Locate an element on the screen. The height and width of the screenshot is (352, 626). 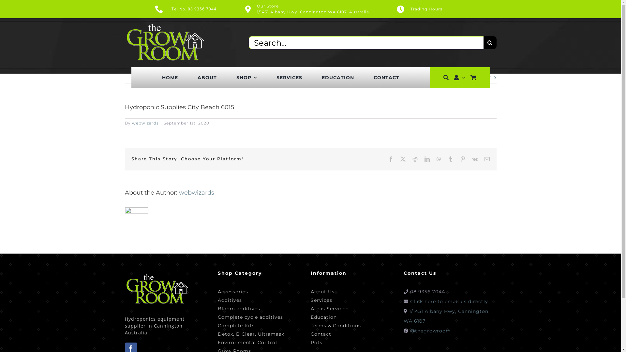
'Additives' is located at coordinates (217, 299).